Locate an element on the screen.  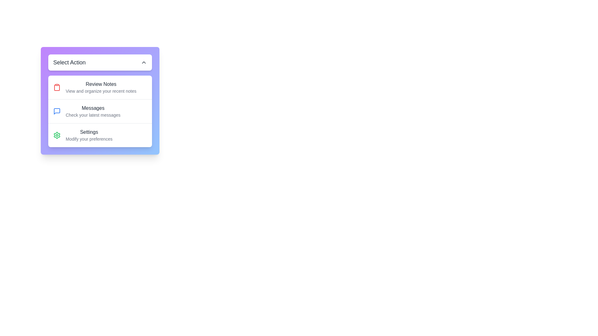
the text label displaying 'Check your latest messages', which is located beneath the 'Messages' heading in the 'Select Action' menu panel is located at coordinates (93, 115).